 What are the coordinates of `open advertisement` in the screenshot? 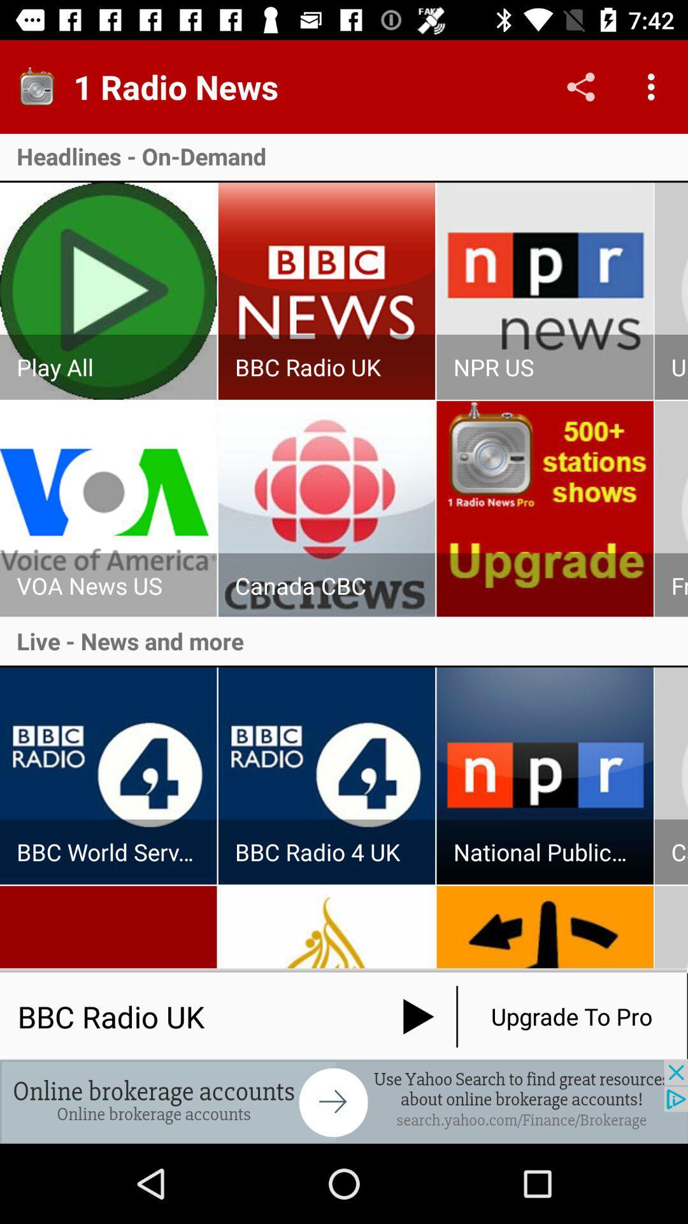 It's located at (344, 1101).